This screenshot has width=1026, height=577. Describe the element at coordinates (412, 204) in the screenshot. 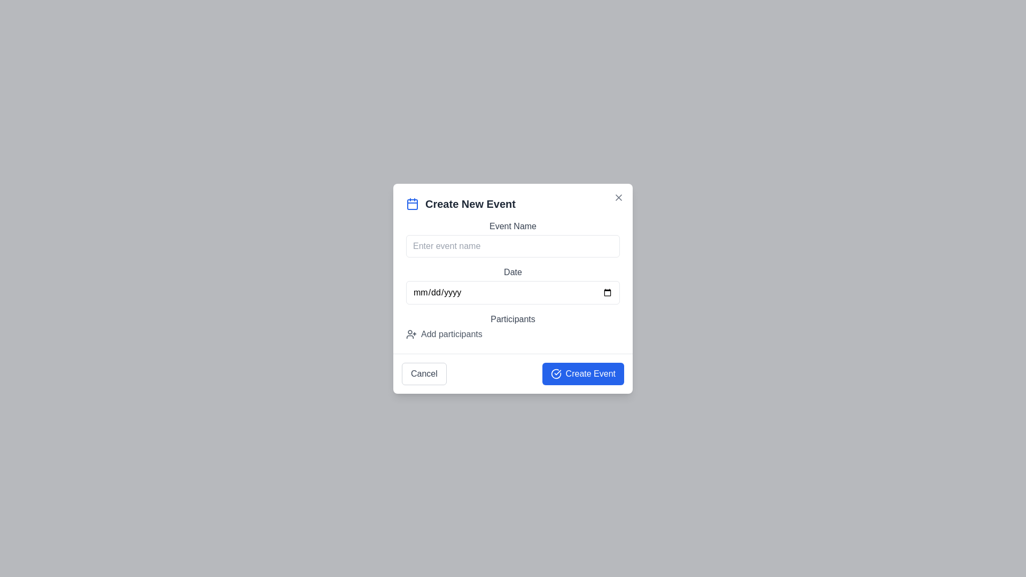

I see `the decorative graphical element within the SVG that represents the calendar icon, located adjacent to the 'Create New Event' title` at that location.